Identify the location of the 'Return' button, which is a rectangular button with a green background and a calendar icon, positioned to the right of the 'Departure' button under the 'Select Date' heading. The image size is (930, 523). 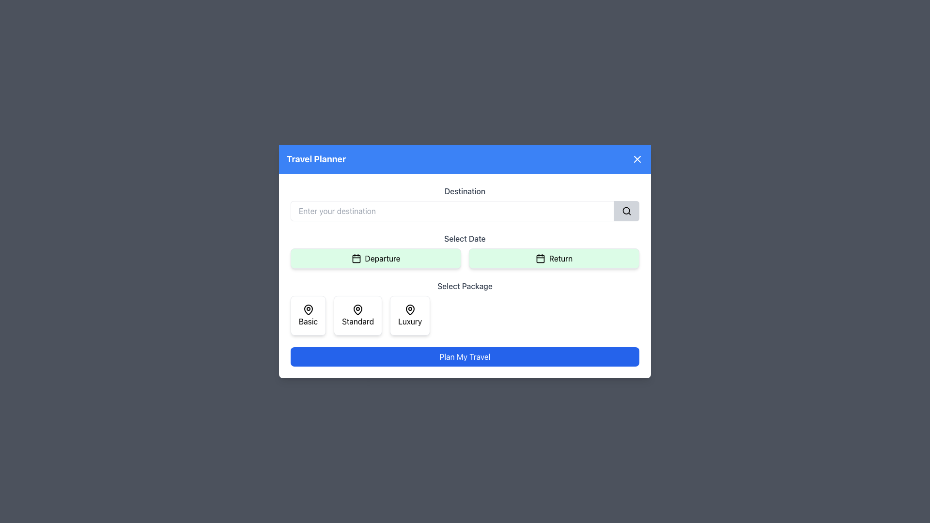
(554, 258).